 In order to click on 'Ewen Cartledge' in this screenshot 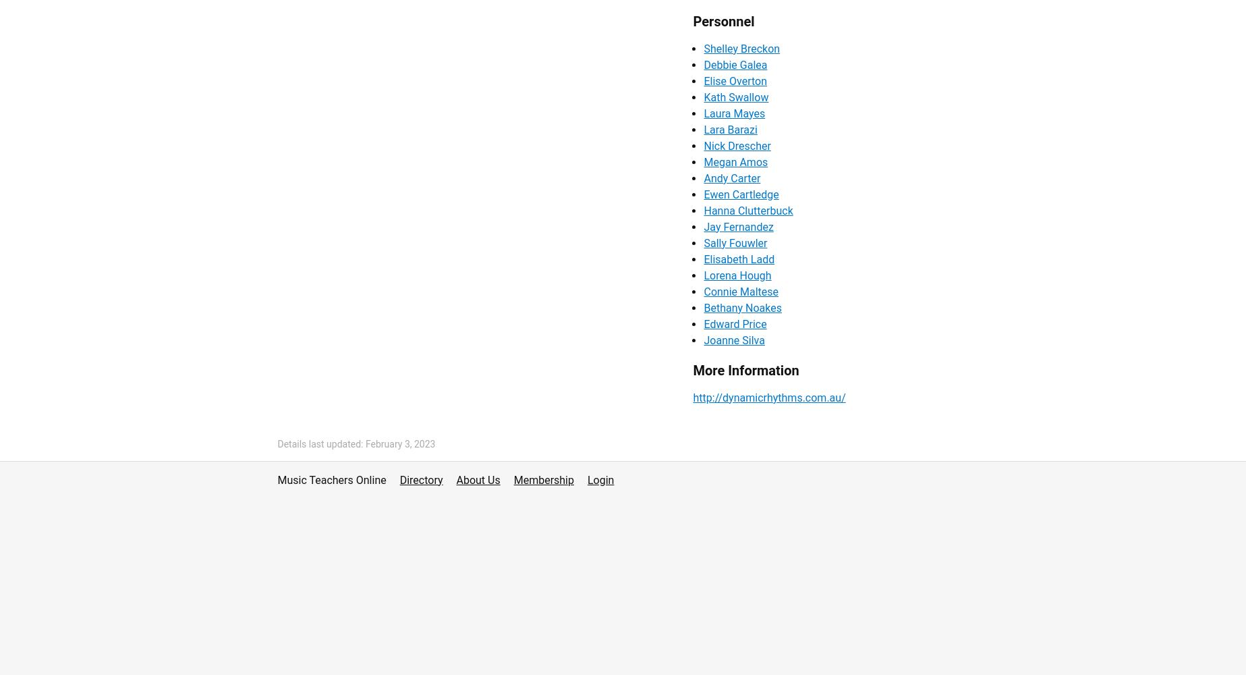, I will do `click(740, 194)`.